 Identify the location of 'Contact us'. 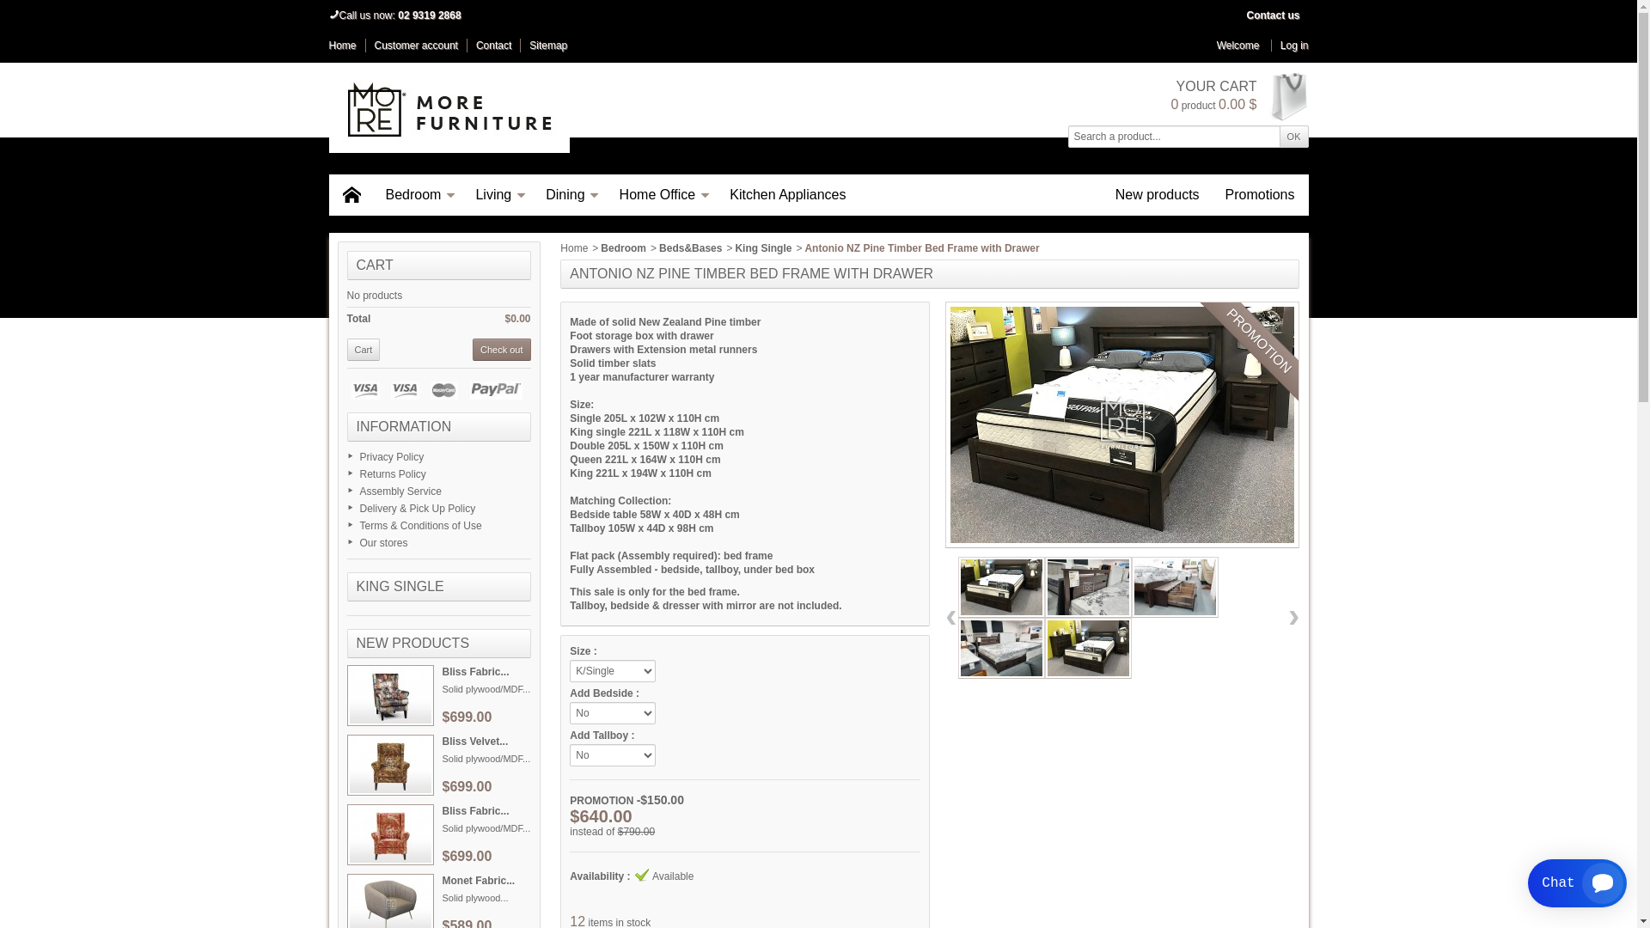
(1273, 15).